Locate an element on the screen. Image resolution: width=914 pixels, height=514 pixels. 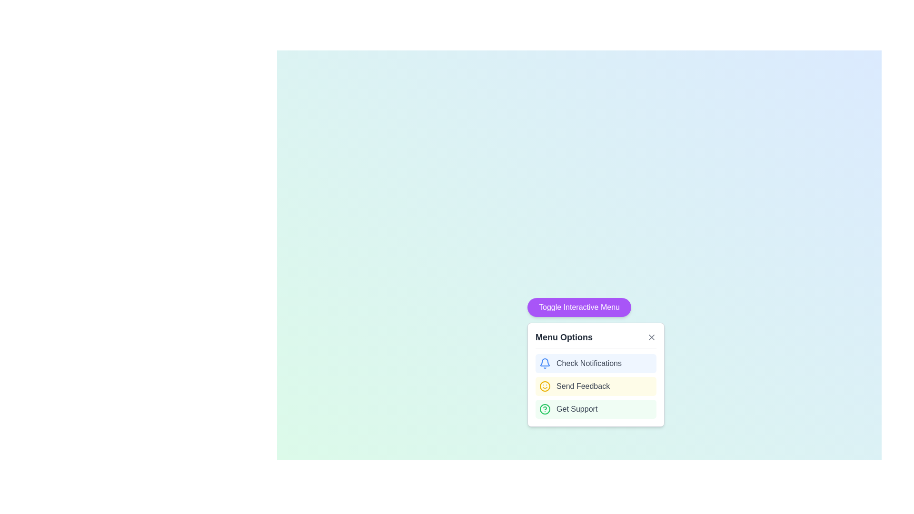
the notifications button located in the vertical list within the menu box, positioned above the 'Send Feedback' option and below the menu header is located at coordinates (596, 363).